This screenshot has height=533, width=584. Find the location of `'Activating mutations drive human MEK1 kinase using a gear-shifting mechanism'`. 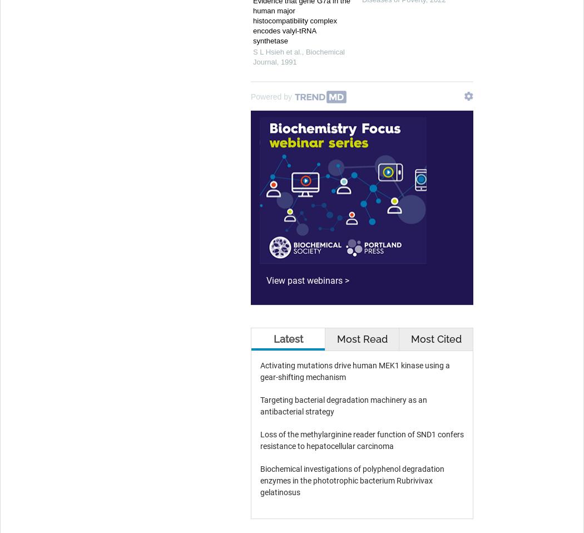

'Activating mutations drive human MEK1 kinase using a gear-shifting mechanism' is located at coordinates (355, 371).